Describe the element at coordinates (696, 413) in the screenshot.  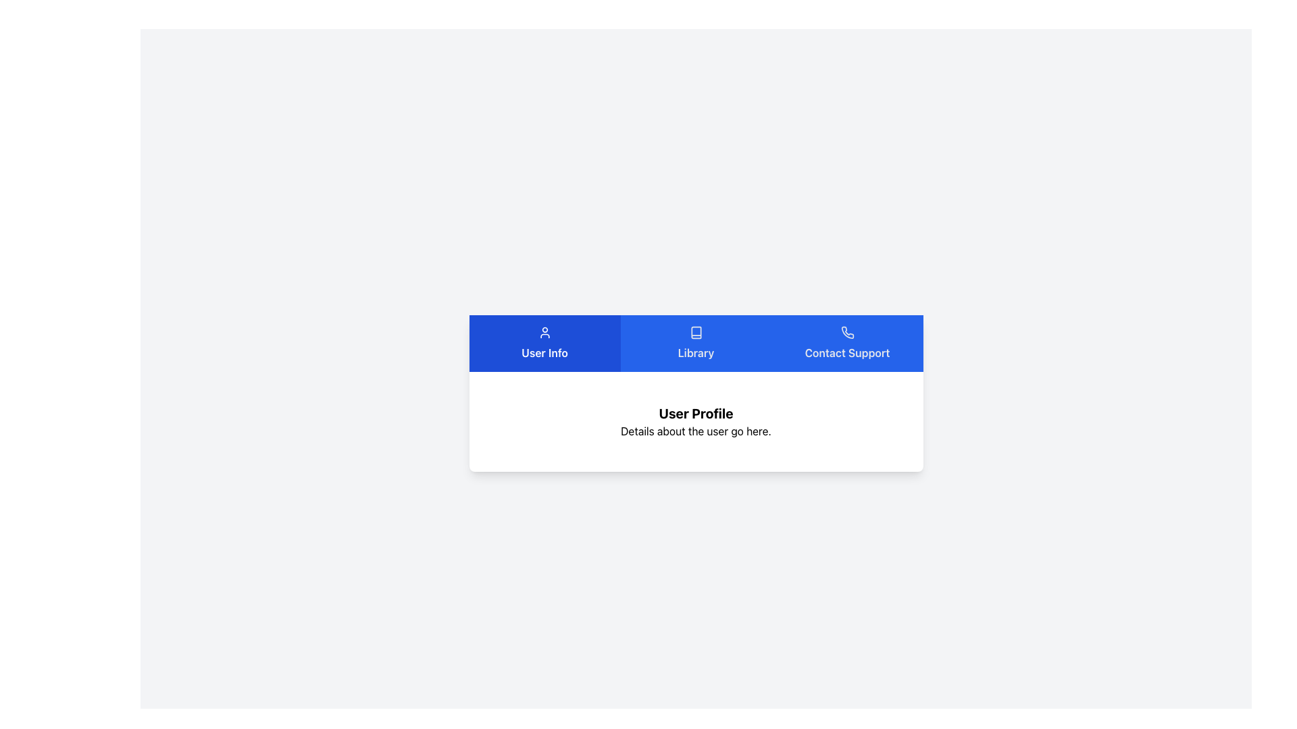
I see `the bold 'User Profile' text label, which is a prominent heading located within a rectangular card below the blue navigation bar` at that location.